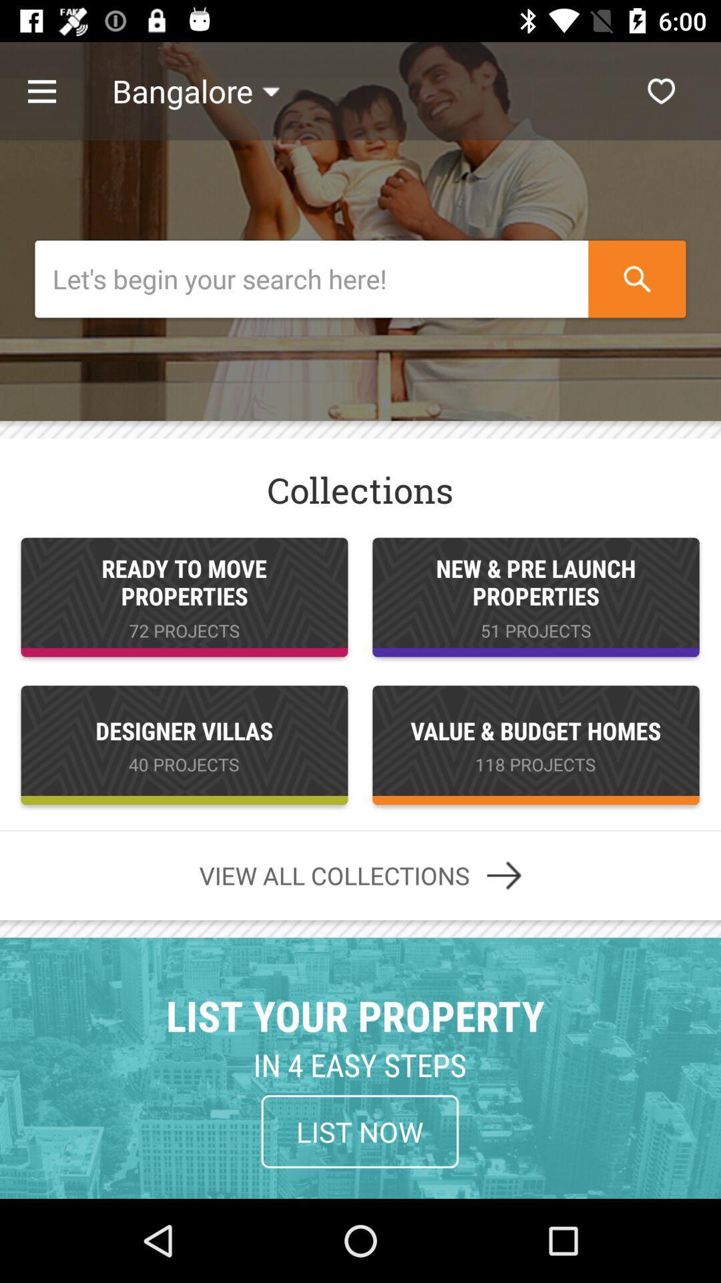 The width and height of the screenshot is (721, 1283). Describe the element at coordinates (55, 90) in the screenshot. I see `open menu` at that location.